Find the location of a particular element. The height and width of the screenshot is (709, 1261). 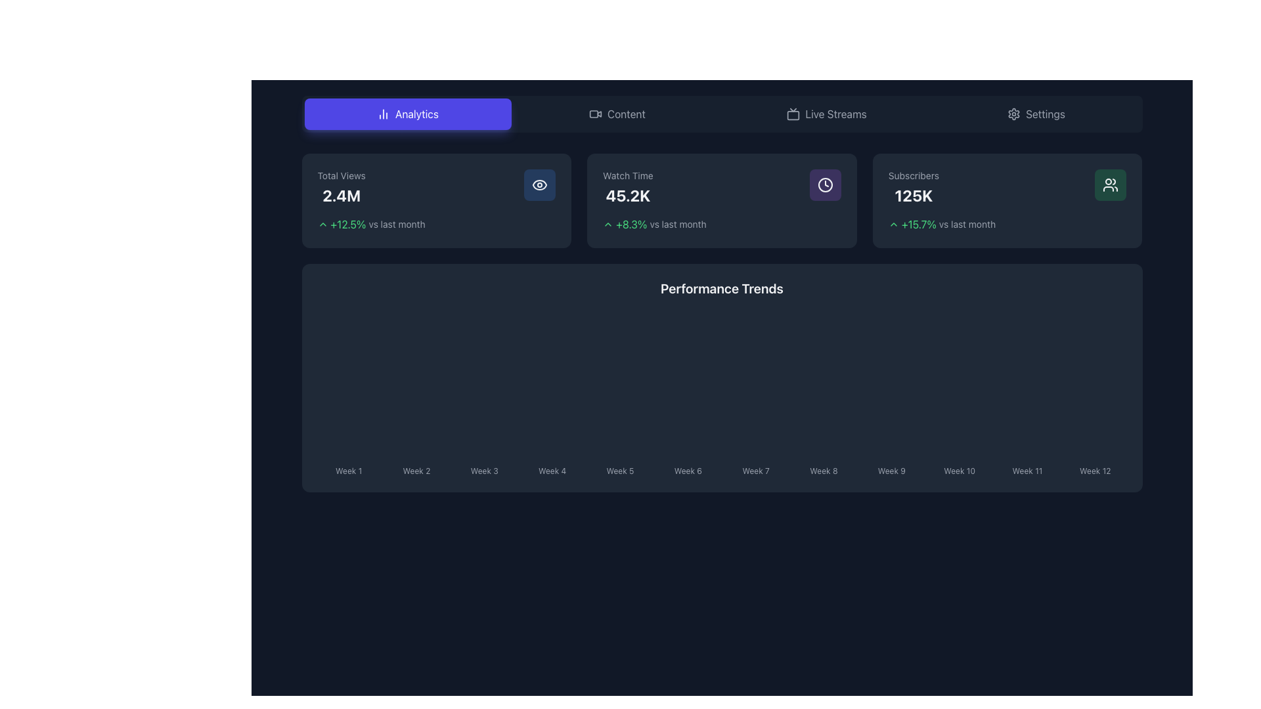

the 'Watch Time' icon located to the right of the '45.2K' text, which represents time-related metrics is located at coordinates (824, 184).